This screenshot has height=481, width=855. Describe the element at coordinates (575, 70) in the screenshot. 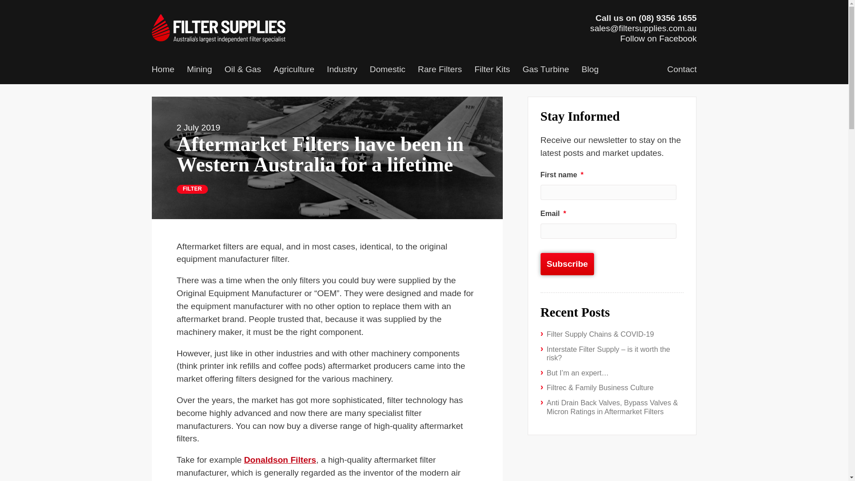

I see `'Blog'` at that location.